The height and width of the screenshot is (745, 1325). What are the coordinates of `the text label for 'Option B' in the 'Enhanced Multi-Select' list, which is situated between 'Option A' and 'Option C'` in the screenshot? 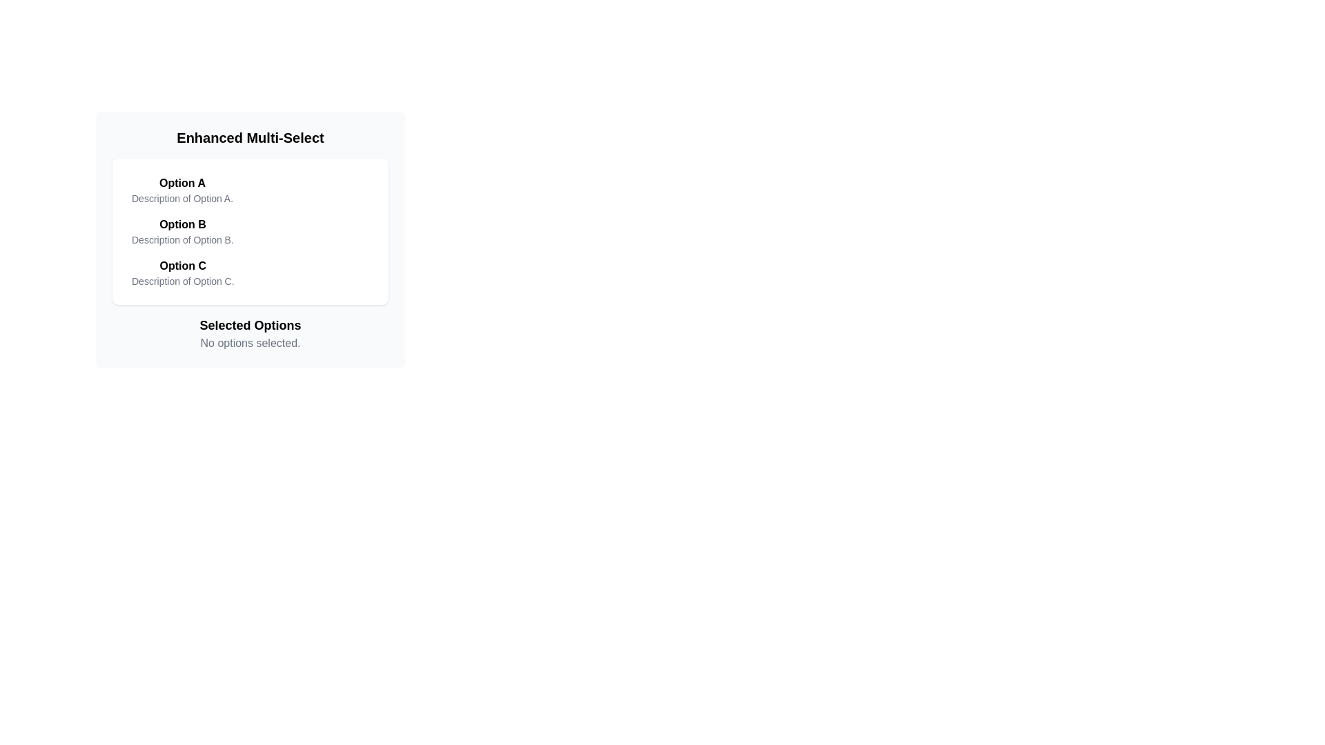 It's located at (181, 224).